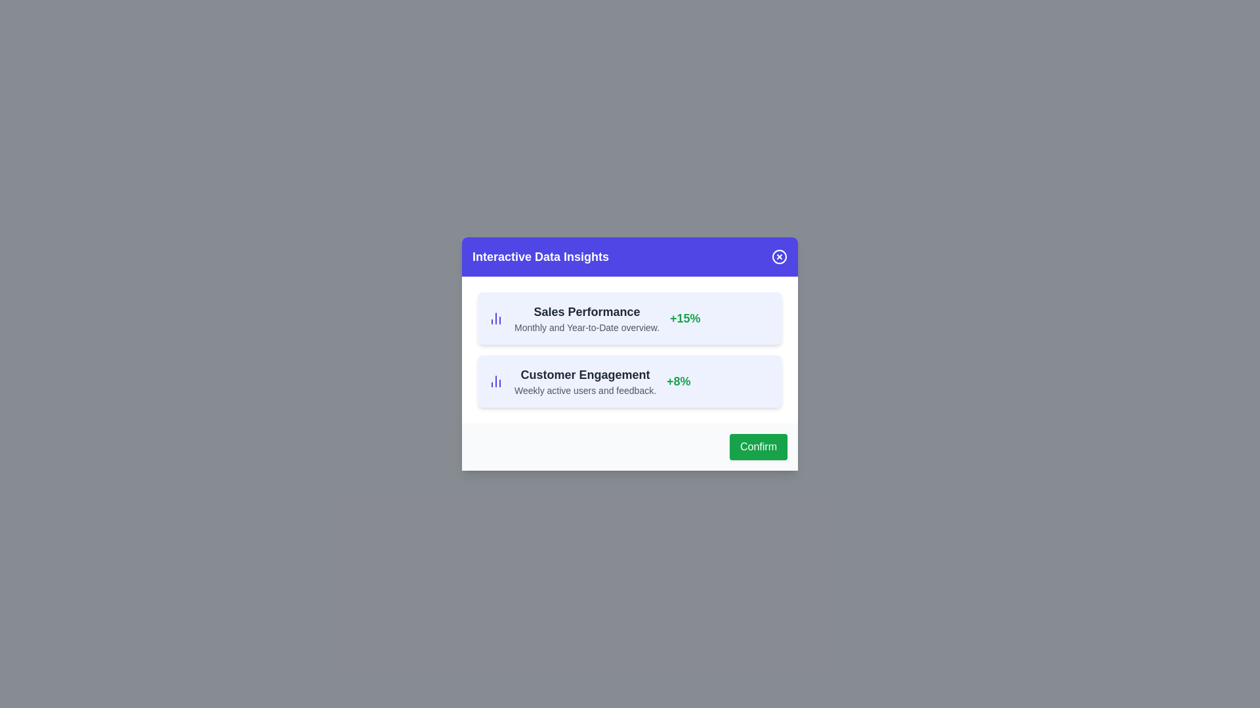 The image size is (1260, 708). I want to click on the data item corresponding to Customer Engagement, so click(630, 382).